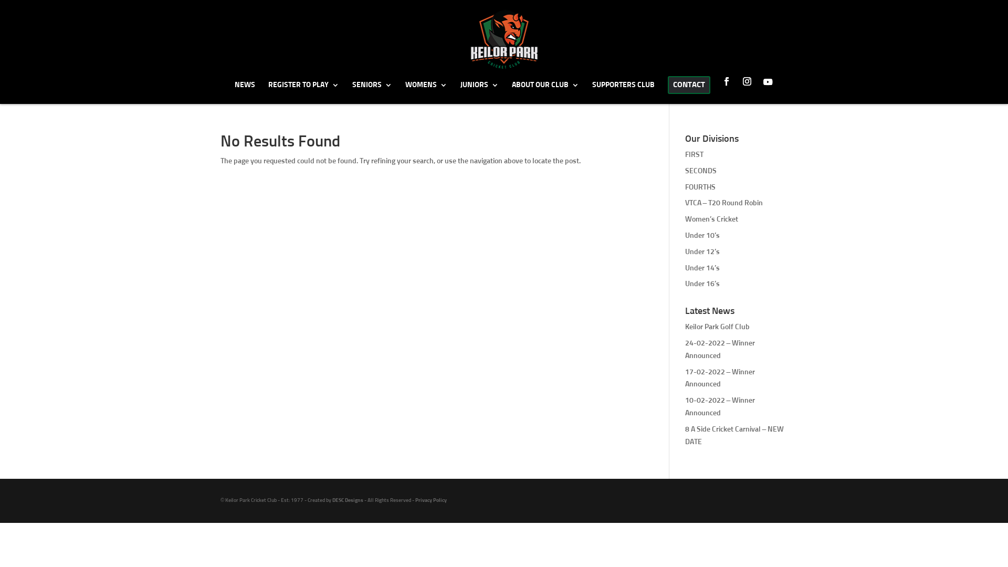 This screenshot has height=567, width=1008. What do you see at coordinates (694, 154) in the screenshot?
I see `'FIRST'` at bounding box center [694, 154].